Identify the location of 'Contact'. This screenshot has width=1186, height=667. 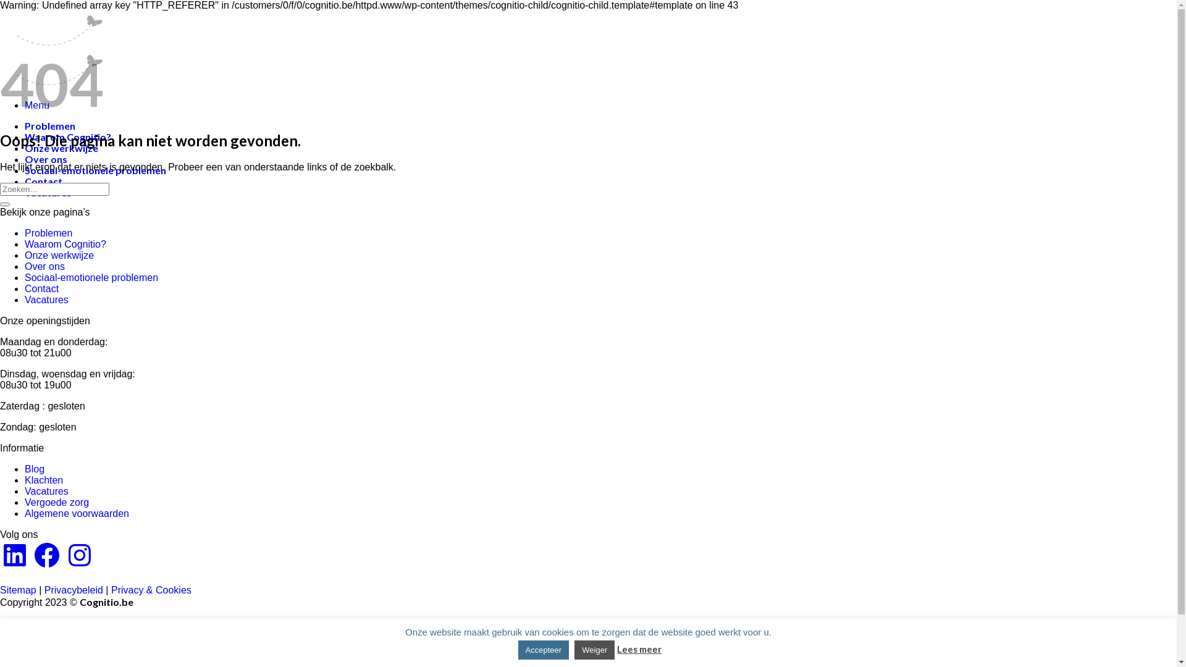
(43, 181).